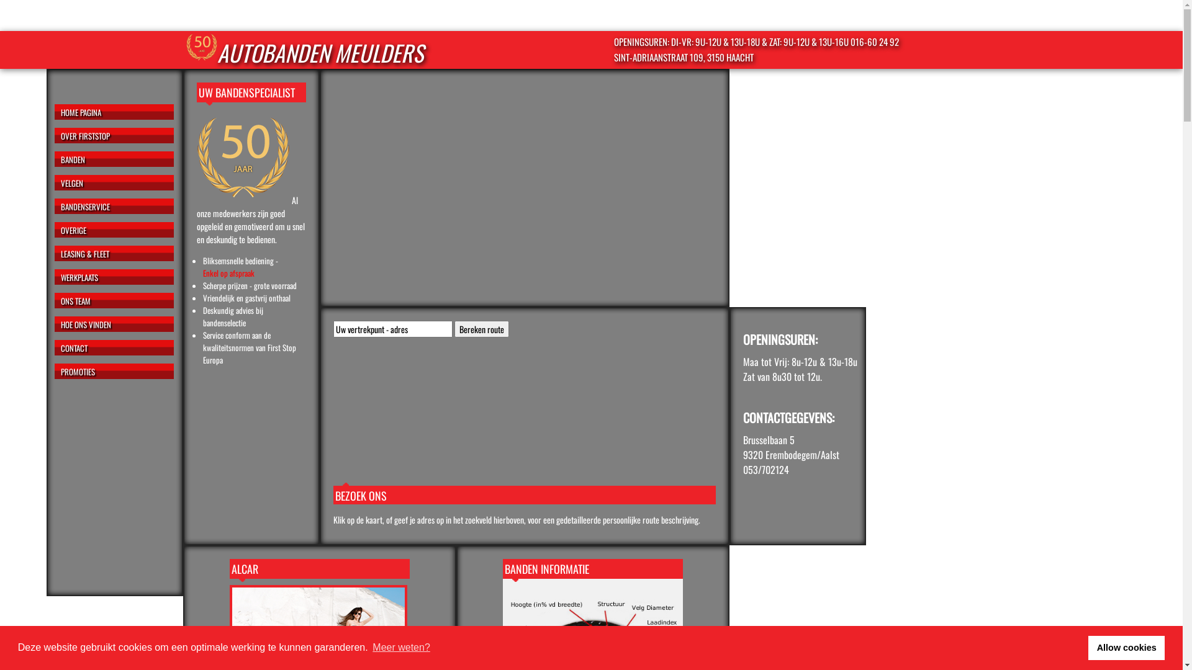 The image size is (1192, 670). Describe the element at coordinates (1126, 647) in the screenshot. I see `'Allow cookies'` at that location.